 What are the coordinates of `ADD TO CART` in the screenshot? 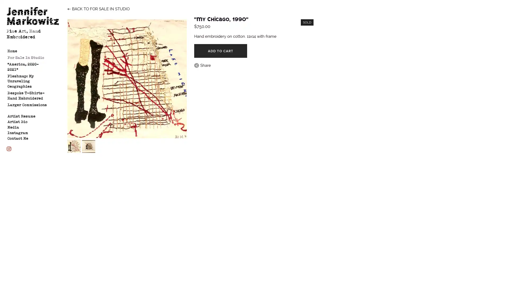 It's located at (220, 51).